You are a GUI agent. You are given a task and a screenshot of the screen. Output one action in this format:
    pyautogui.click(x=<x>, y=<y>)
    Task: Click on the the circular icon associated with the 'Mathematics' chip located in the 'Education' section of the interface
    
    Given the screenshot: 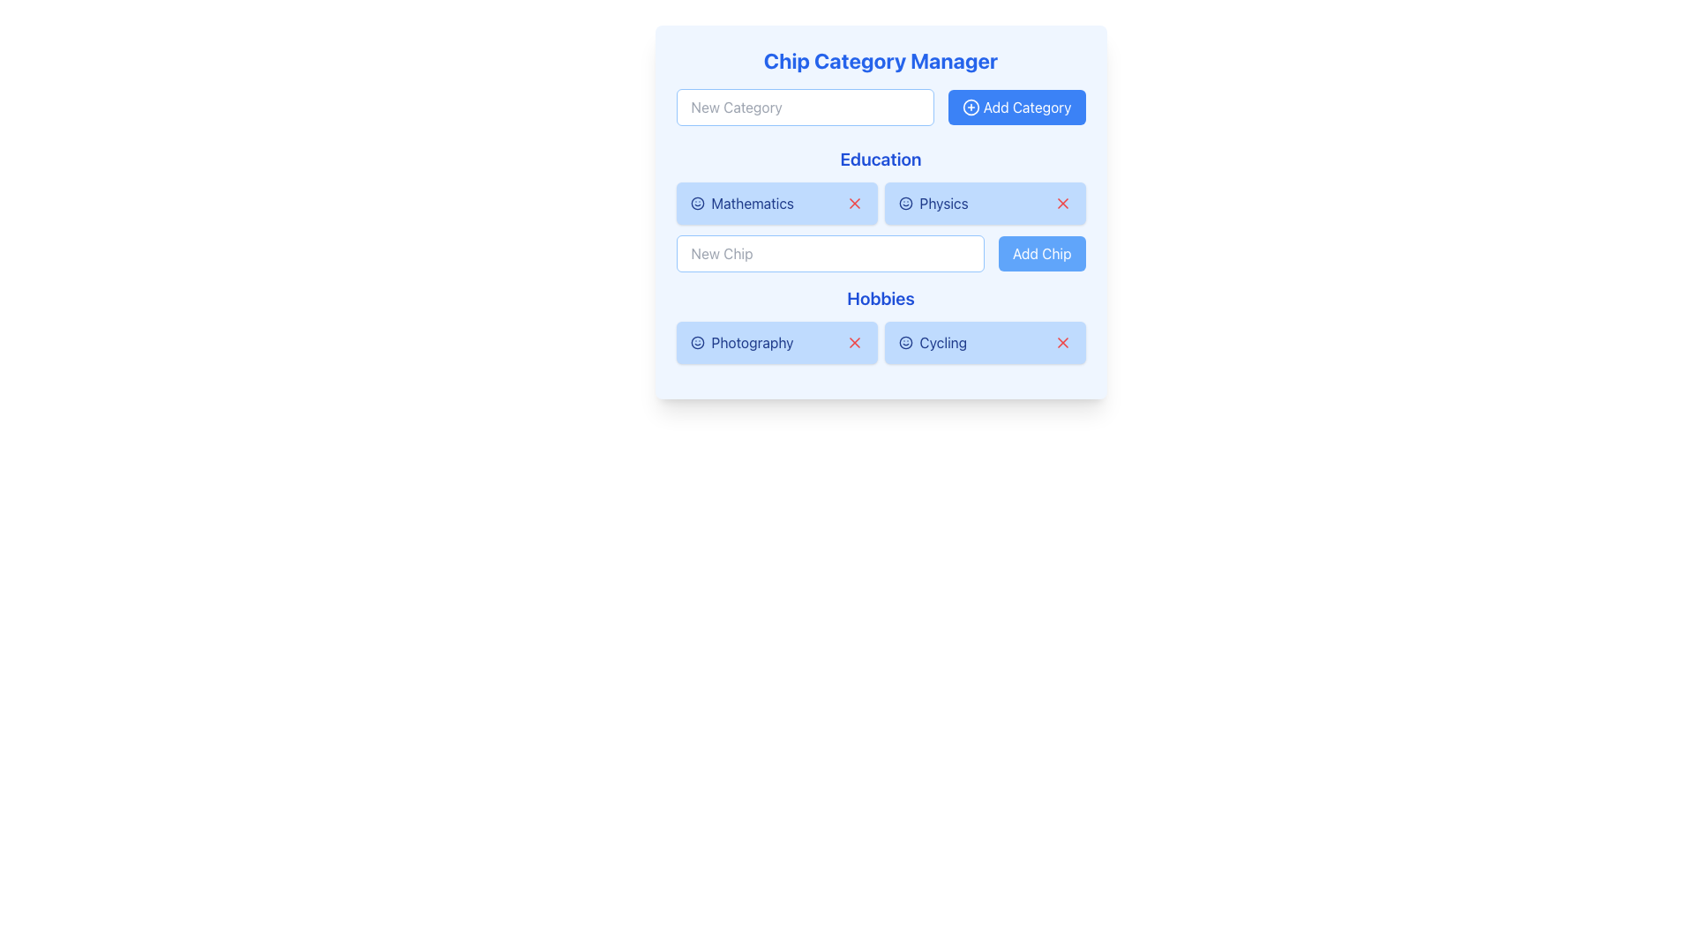 What is the action you would take?
    pyautogui.click(x=696, y=203)
    